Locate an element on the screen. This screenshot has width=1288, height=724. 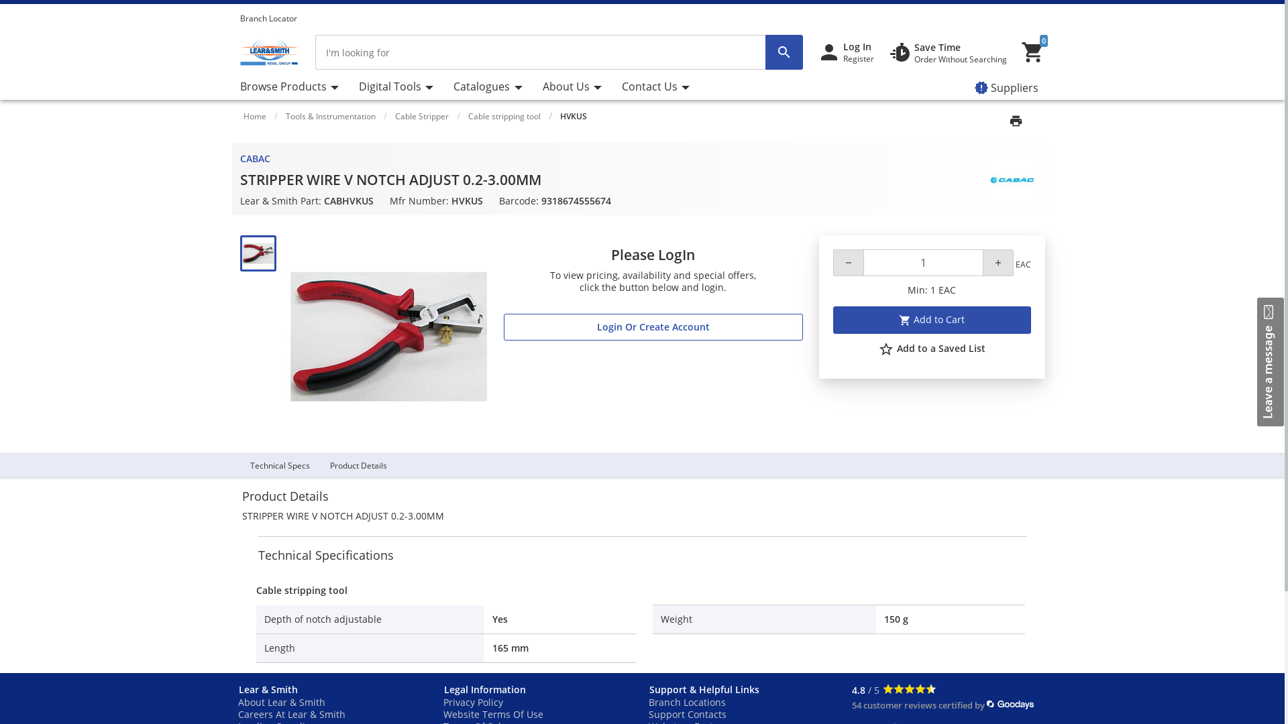
'Contact Us' is located at coordinates (655, 88).